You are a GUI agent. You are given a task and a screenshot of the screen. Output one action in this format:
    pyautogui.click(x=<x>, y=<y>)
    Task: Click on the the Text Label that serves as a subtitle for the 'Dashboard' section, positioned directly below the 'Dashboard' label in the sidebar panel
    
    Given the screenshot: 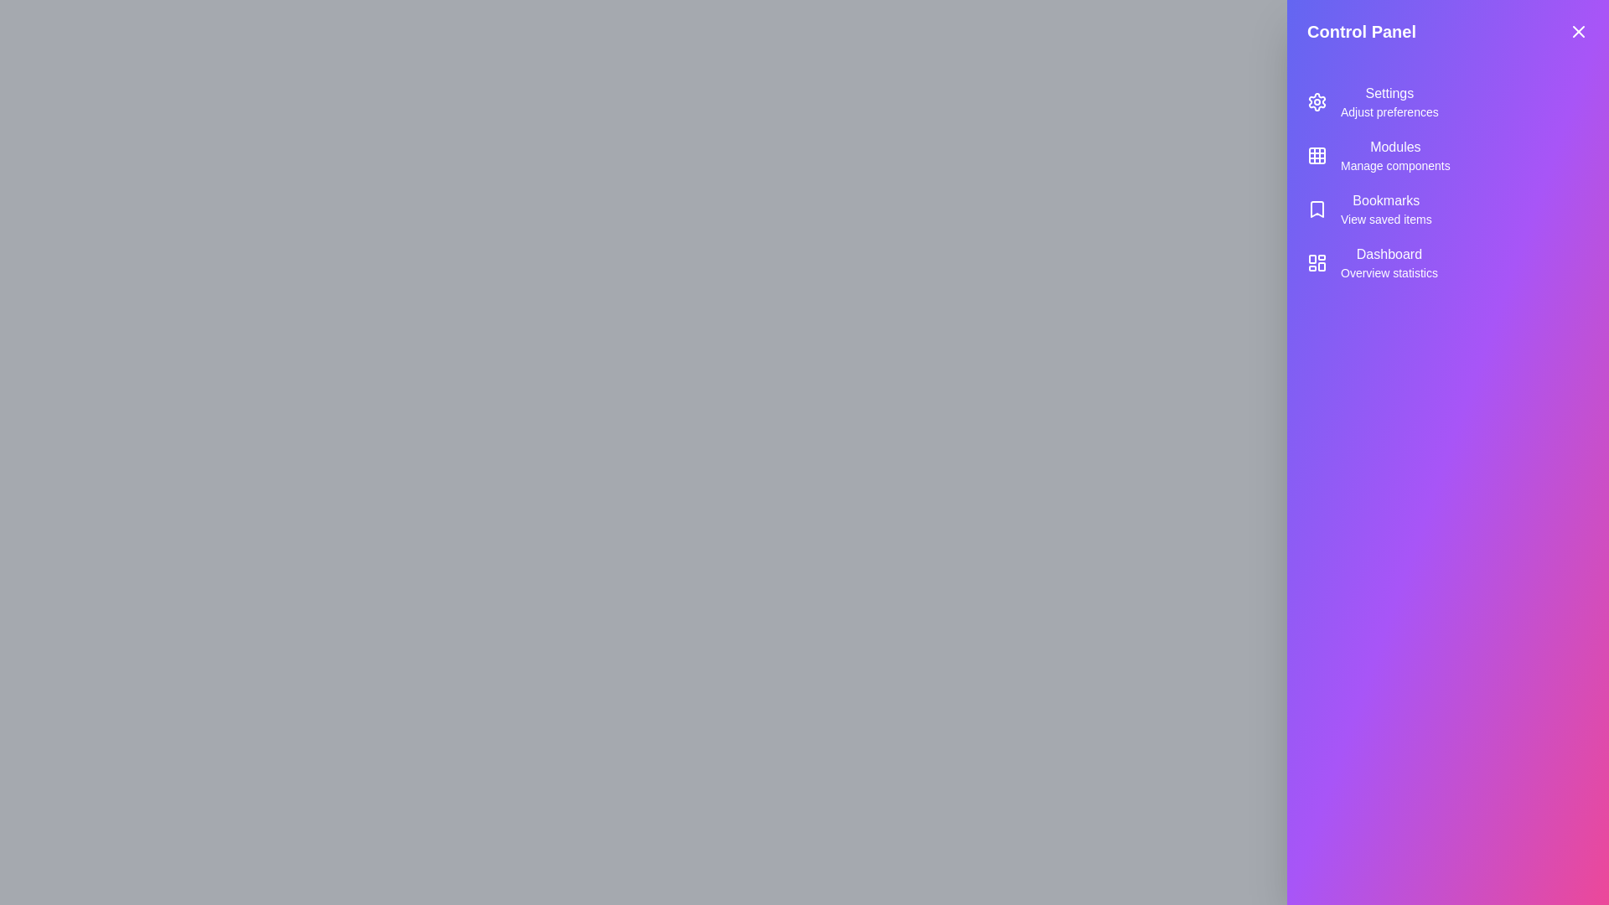 What is the action you would take?
    pyautogui.click(x=1389, y=272)
    